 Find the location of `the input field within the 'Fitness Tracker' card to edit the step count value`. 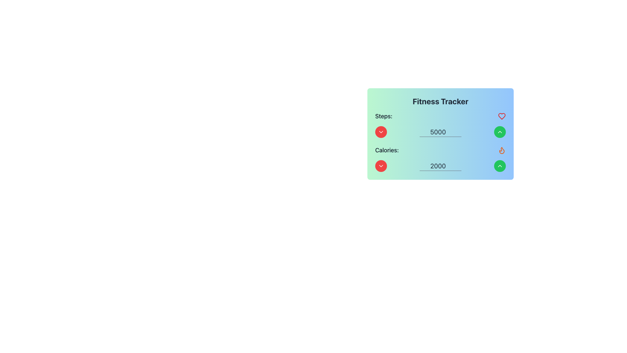

the input field within the 'Fitness Tracker' card to edit the step count value is located at coordinates (440, 125).